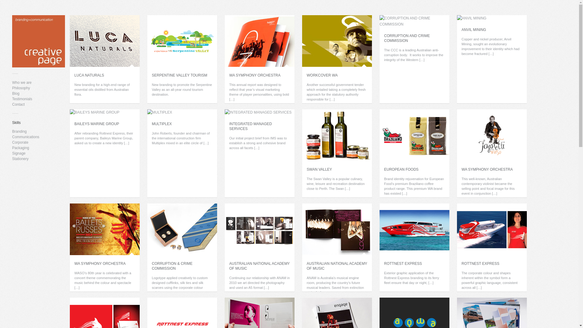  What do you see at coordinates (20, 142) in the screenshot?
I see `'Corporate'` at bounding box center [20, 142].